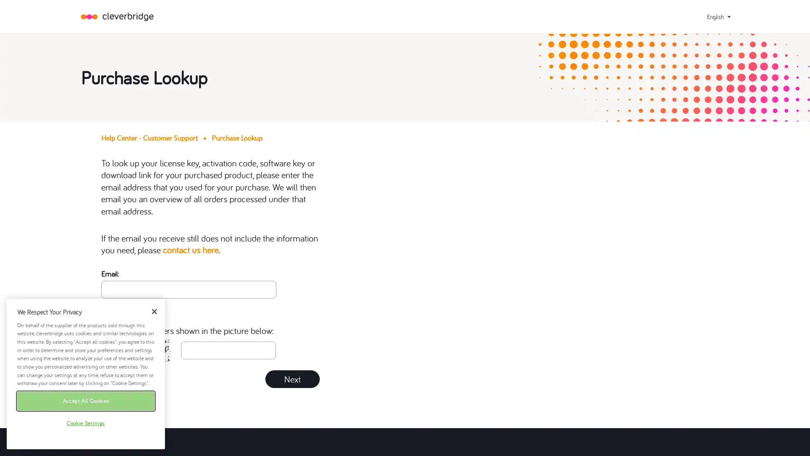  Describe the element at coordinates (154, 311) in the screenshot. I see `Close` at that location.